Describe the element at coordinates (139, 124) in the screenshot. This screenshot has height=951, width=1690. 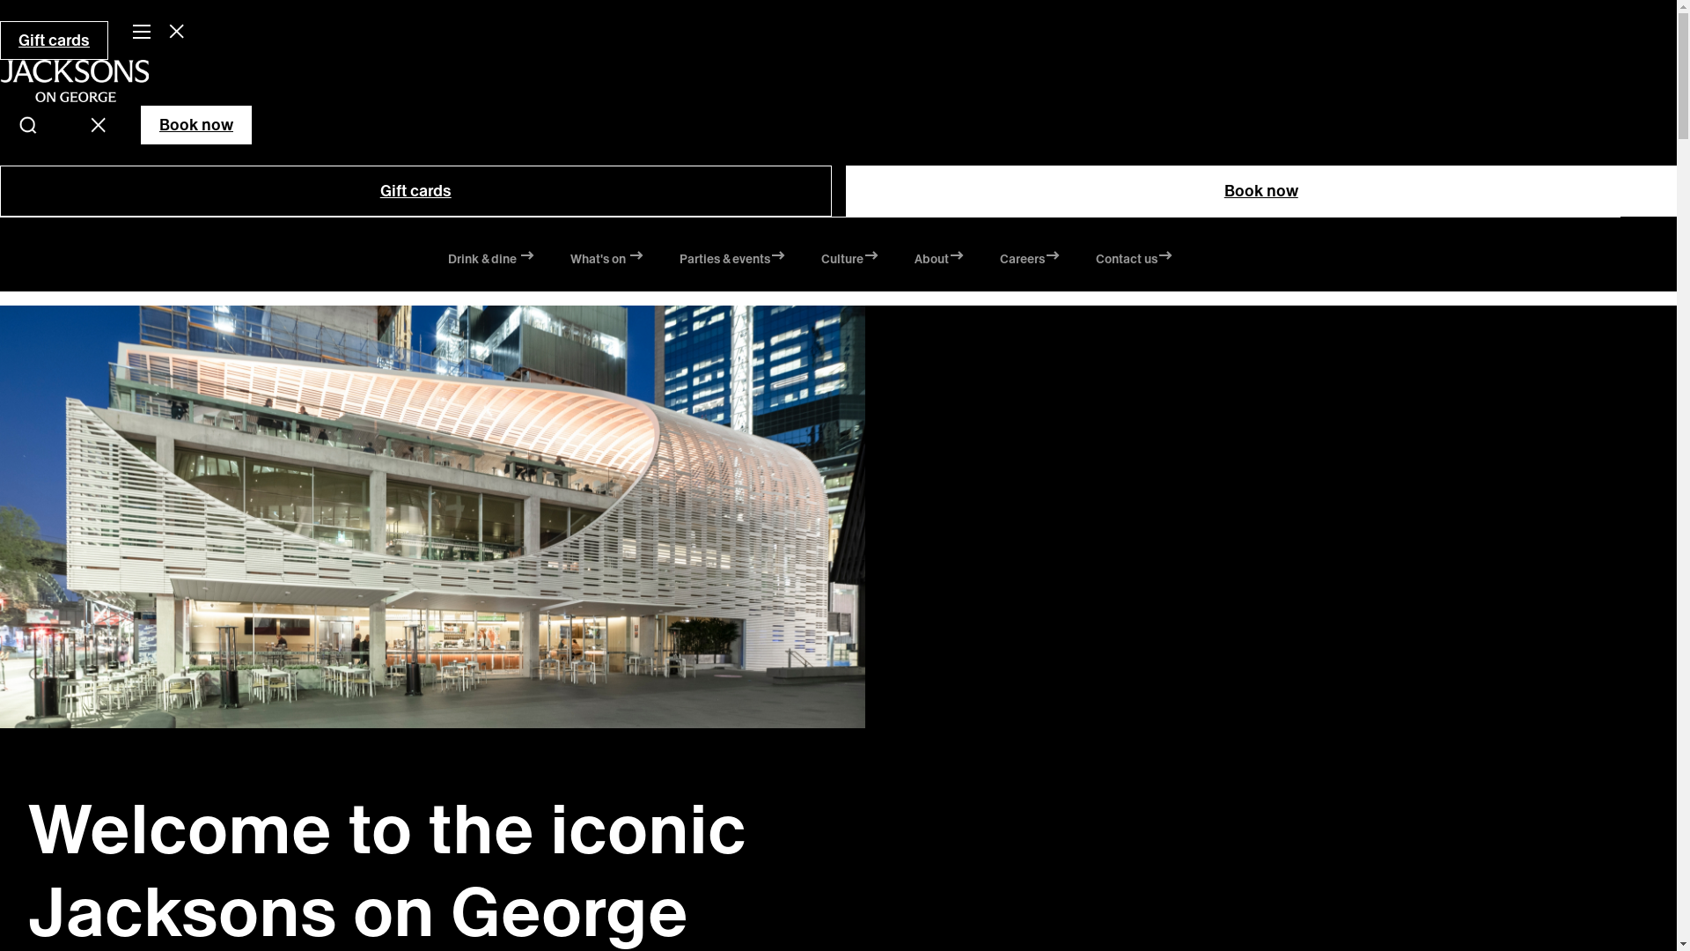
I see `'Book now'` at that location.